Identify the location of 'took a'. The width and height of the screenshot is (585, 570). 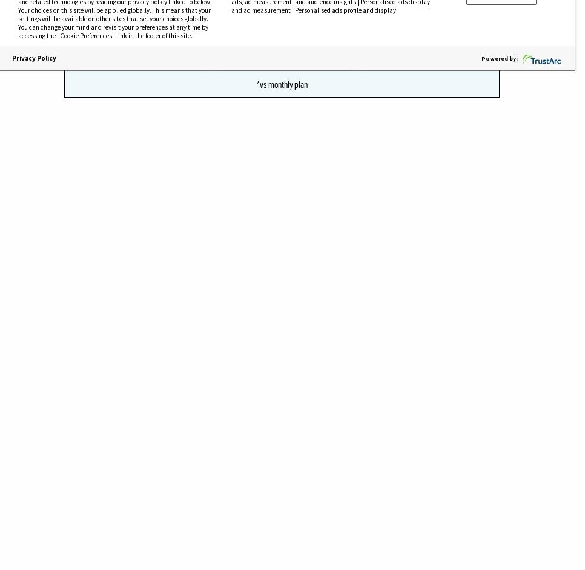
(173, 118).